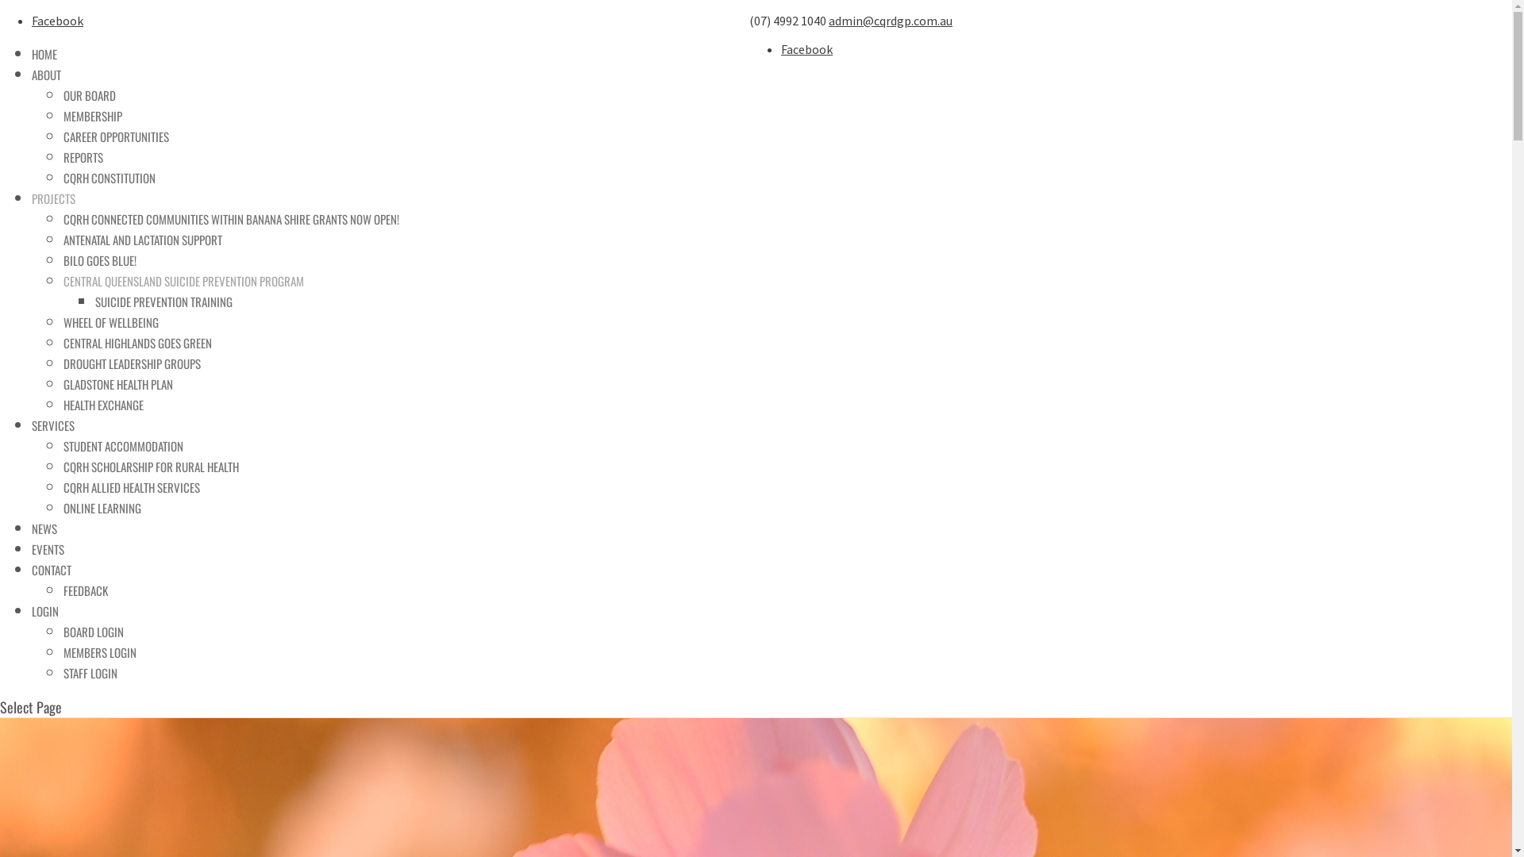 This screenshot has width=1524, height=857. I want to click on 'ONLINE LEARNING', so click(102, 508).